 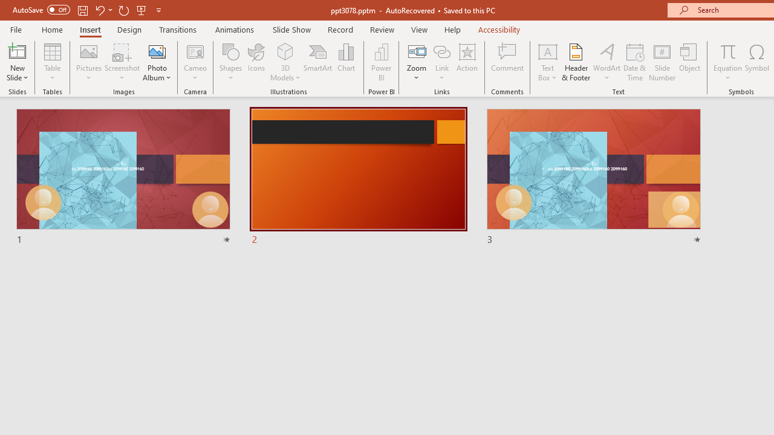 I want to click on 'Date & Time...', so click(x=634, y=62).